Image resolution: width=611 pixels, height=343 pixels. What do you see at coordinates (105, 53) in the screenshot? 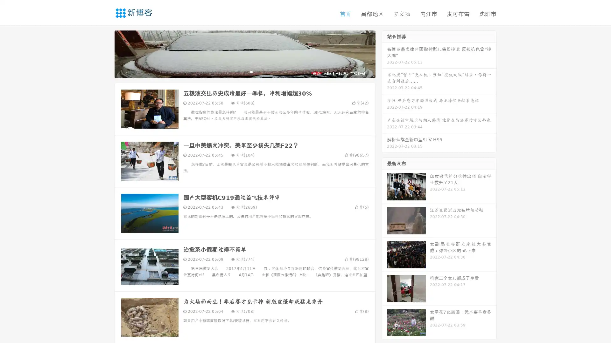
I see `Previous slide` at bounding box center [105, 53].